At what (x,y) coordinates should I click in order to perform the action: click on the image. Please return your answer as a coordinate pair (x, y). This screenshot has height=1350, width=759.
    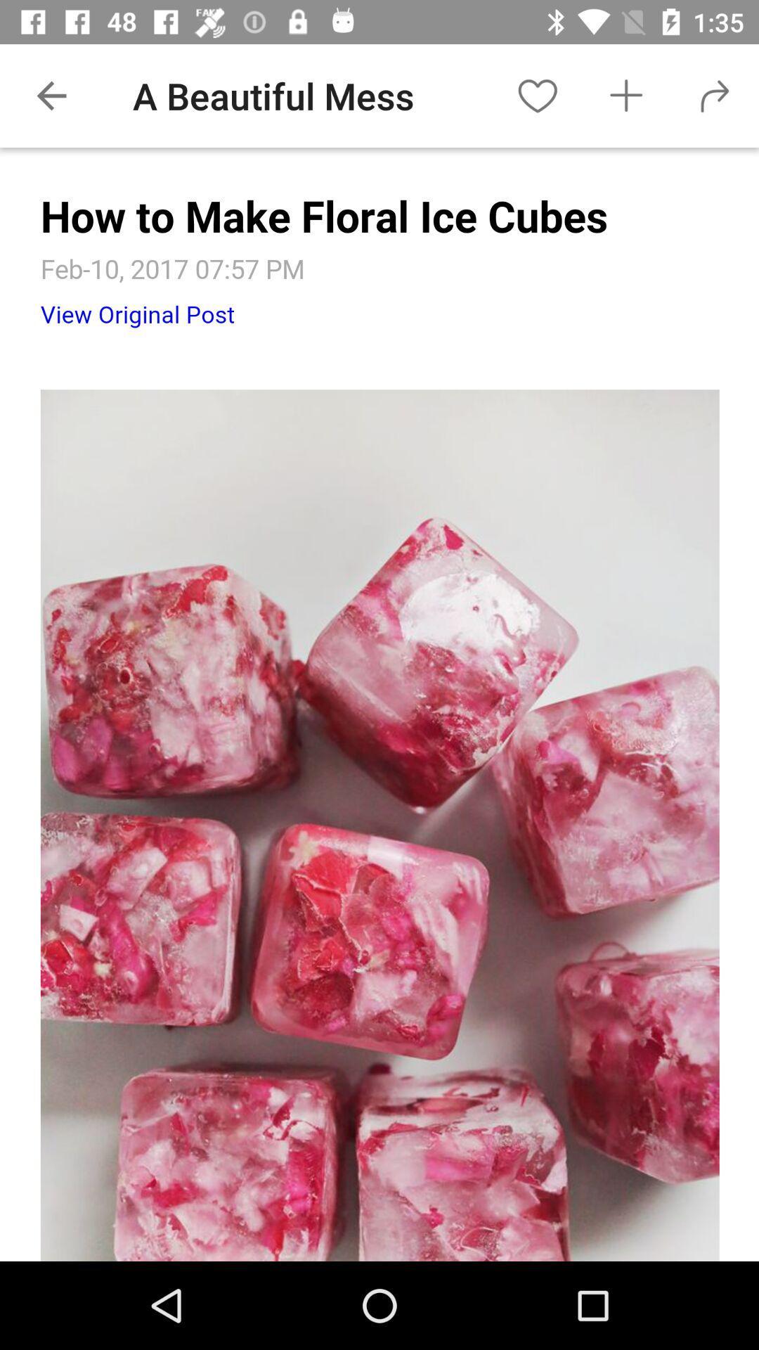
    Looking at the image, I should click on (379, 705).